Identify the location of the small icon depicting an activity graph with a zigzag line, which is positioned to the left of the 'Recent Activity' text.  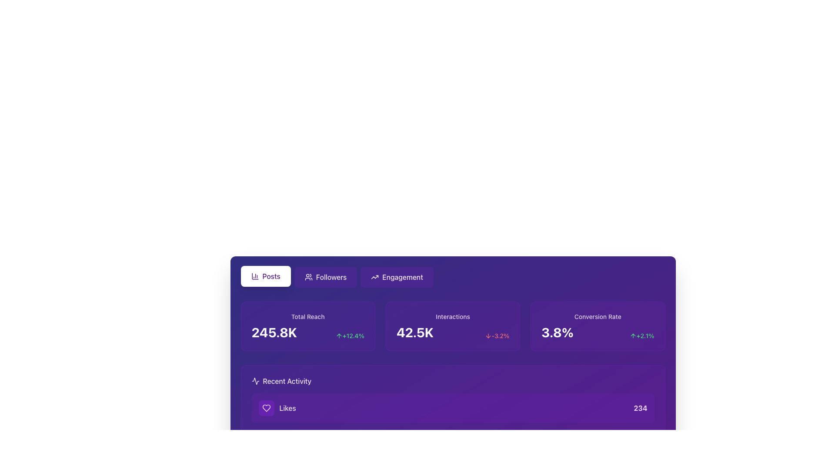
(255, 380).